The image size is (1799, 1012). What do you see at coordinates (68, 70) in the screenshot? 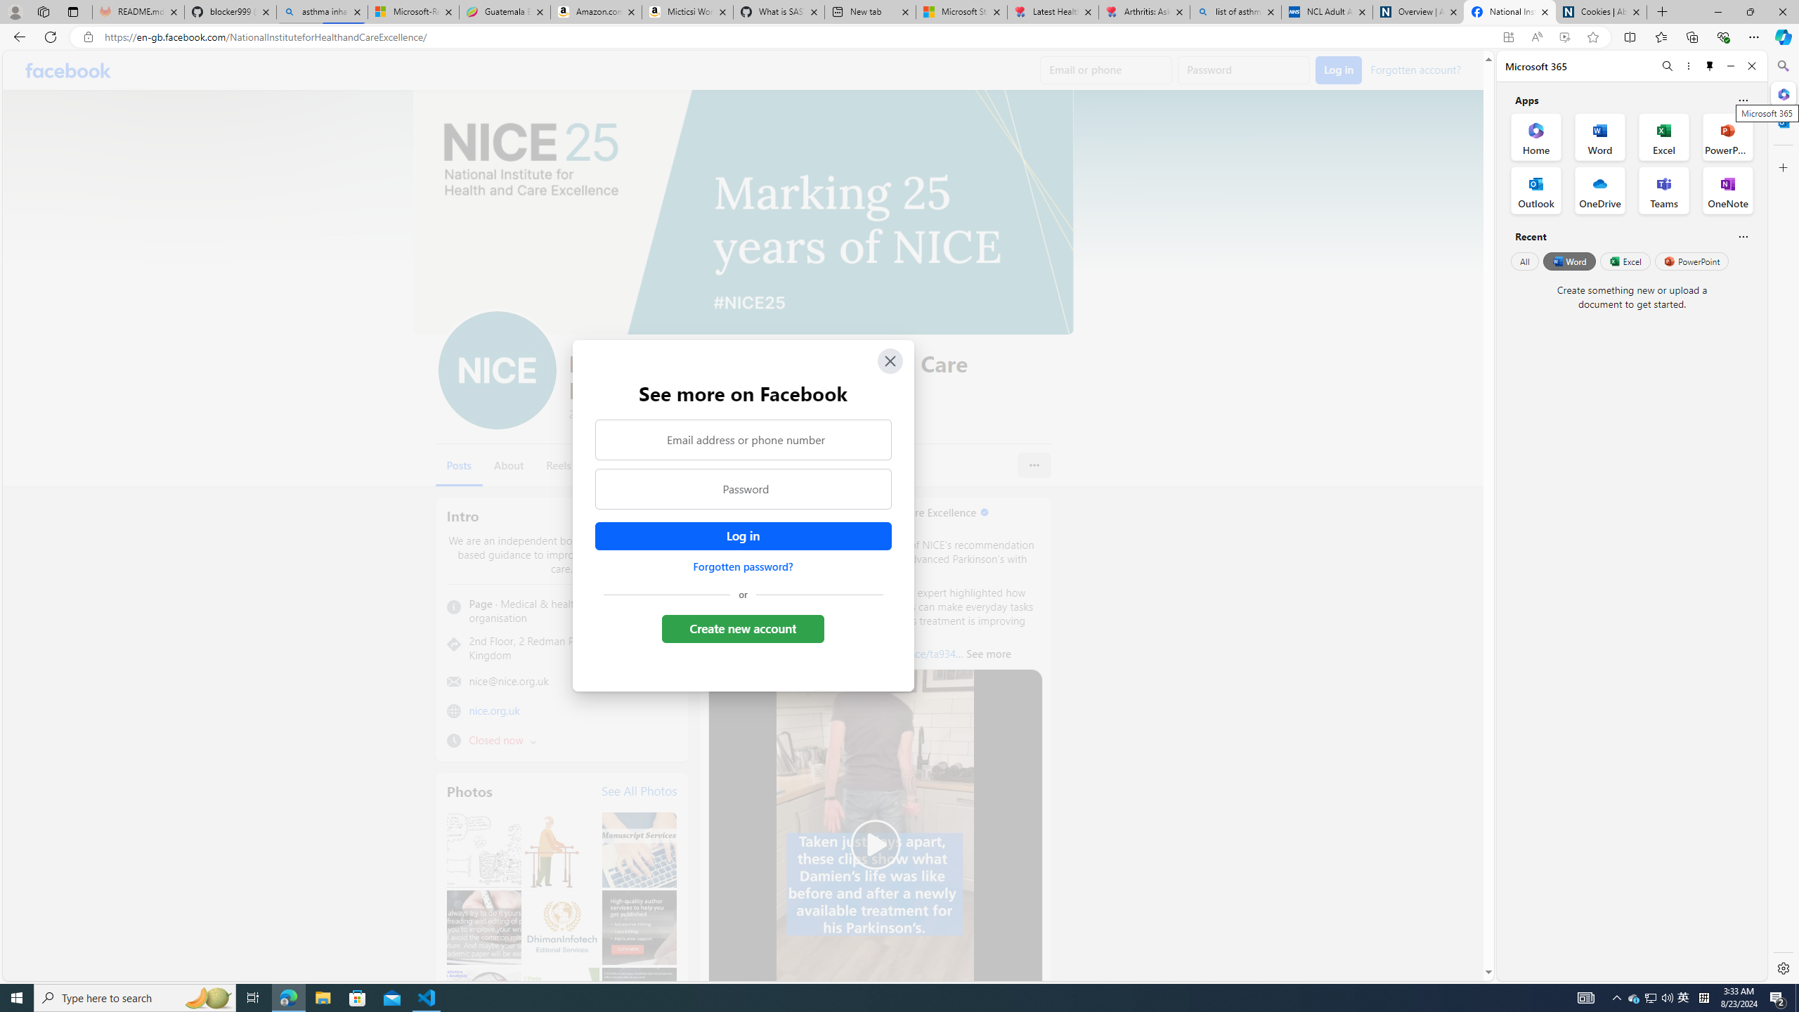
I see `'Facebook'` at bounding box center [68, 70].